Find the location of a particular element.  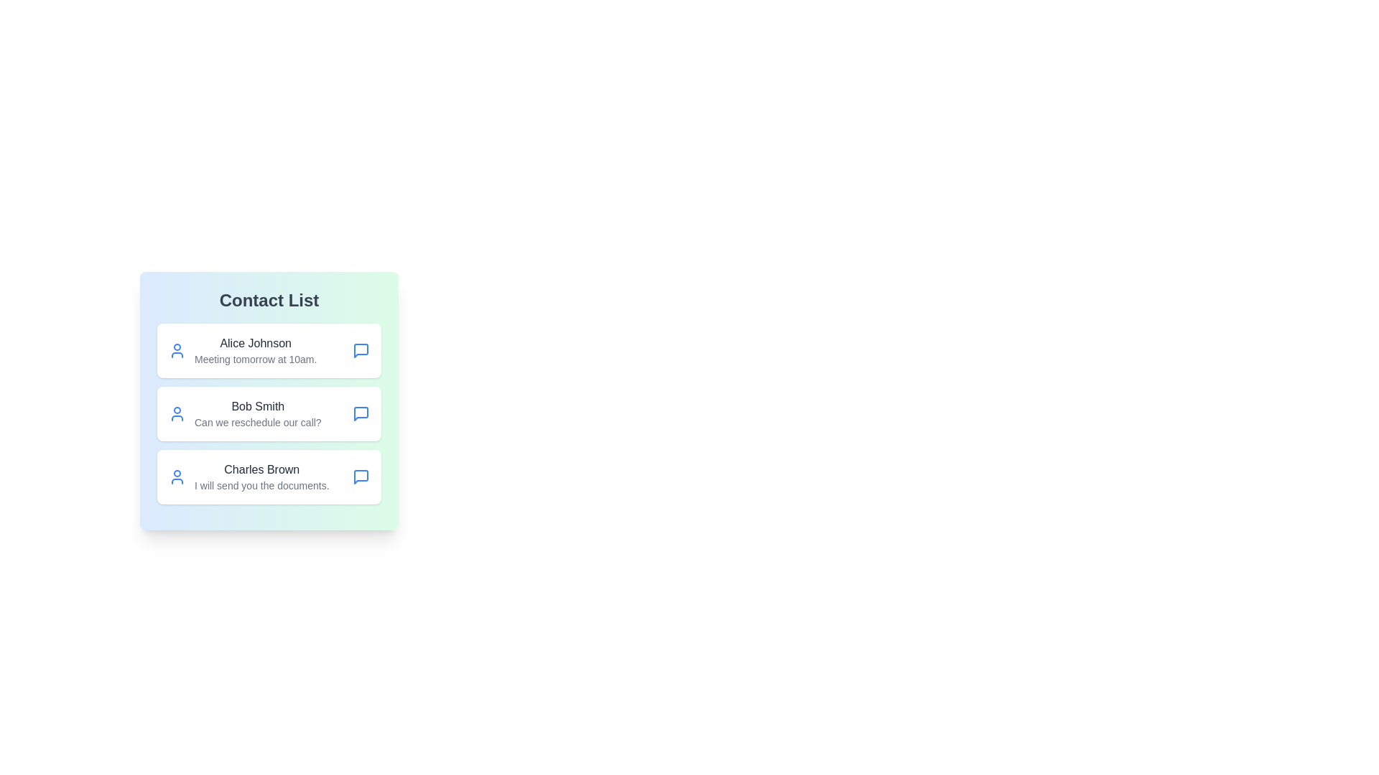

the chat icon associated with Alice Johnson to initiate a conversation is located at coordinates (361, 351).